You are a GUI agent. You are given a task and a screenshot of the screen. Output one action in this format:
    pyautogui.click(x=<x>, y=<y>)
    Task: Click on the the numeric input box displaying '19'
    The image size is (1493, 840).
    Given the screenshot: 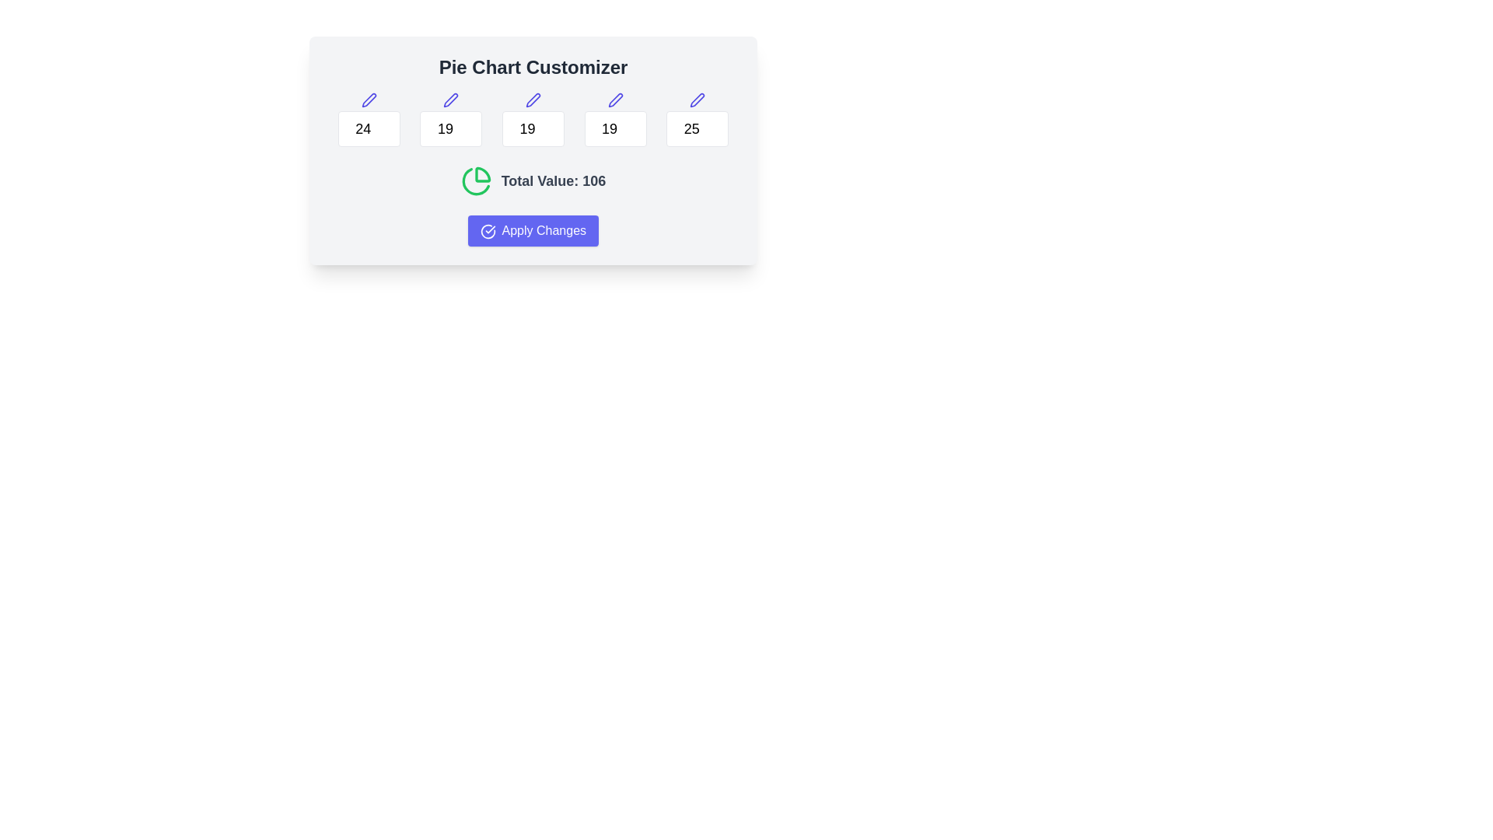 What is the action you would take?
    pyautogui.click(x=533, y=119)
    